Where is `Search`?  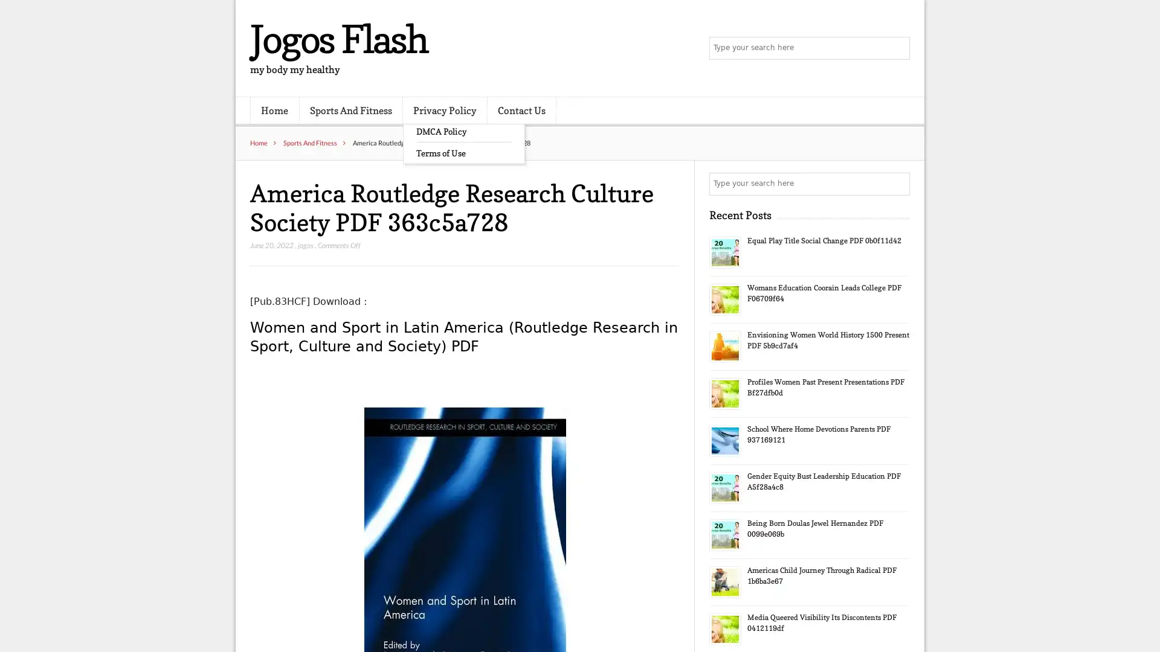 Search is located at coordinates (897, 184).